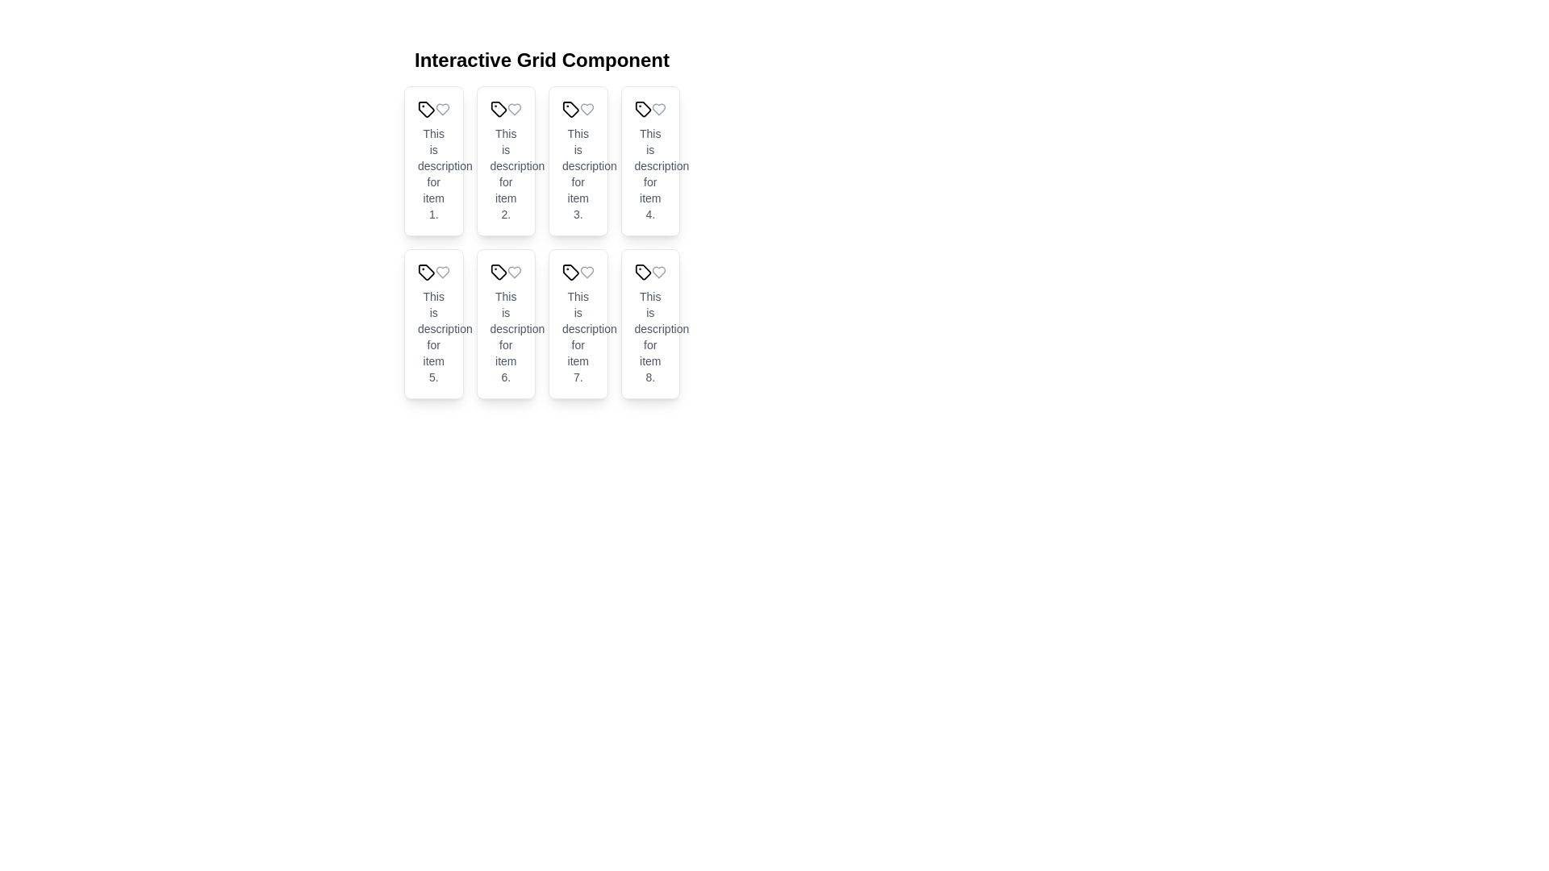 The width and height of the screenshot is (1549, 871). Describe the element at coordinates (505, 174) in the screenshot. I see `the text block containing 'This is description for item 2.' which is styled in gray and located below the title 'Tile 2'` at that location.